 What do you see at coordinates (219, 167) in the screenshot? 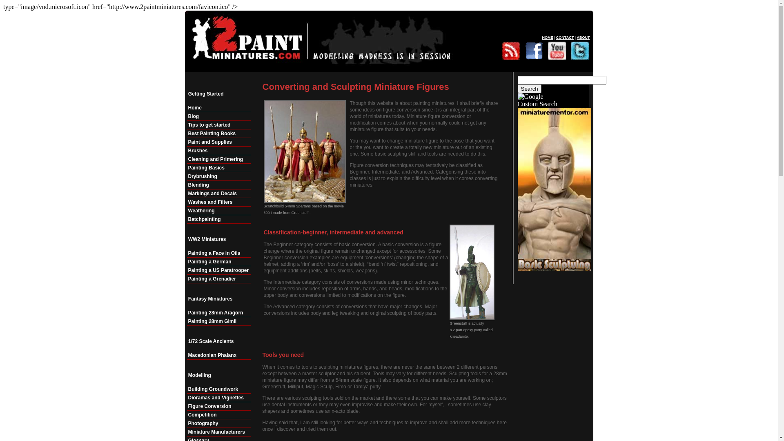
I see `'Painting Basics'` at bounding box center [219, 167].